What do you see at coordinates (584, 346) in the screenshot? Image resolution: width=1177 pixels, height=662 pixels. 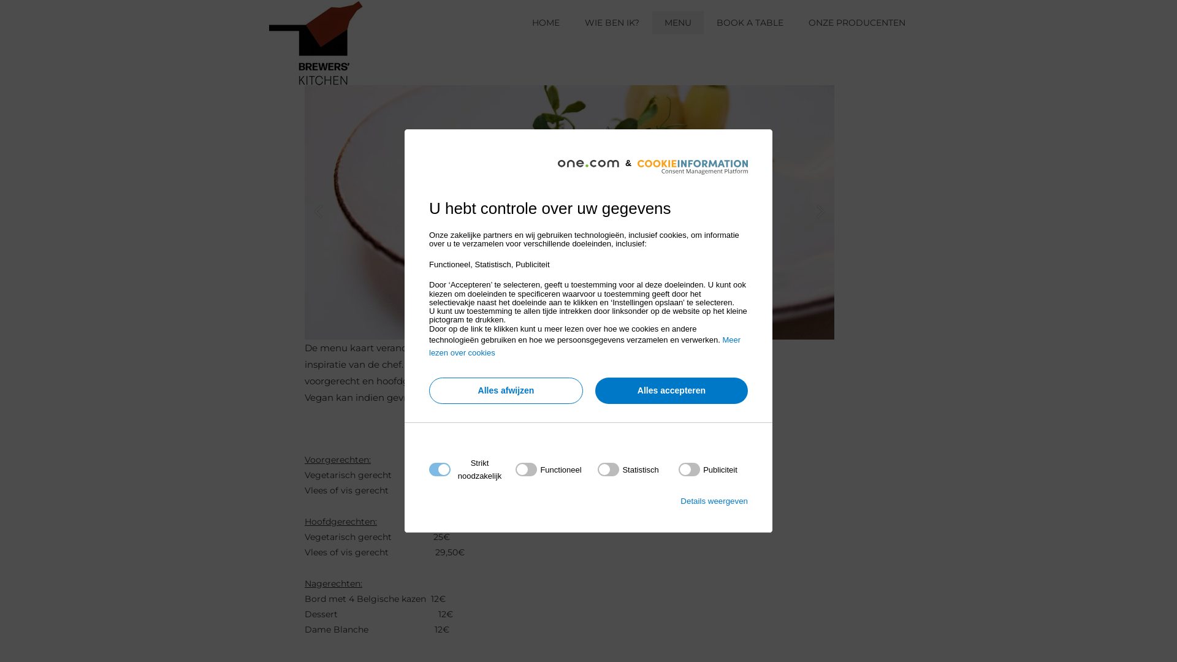 I see `'Meer lezen over cookies'` at bounding box center [584, 346].